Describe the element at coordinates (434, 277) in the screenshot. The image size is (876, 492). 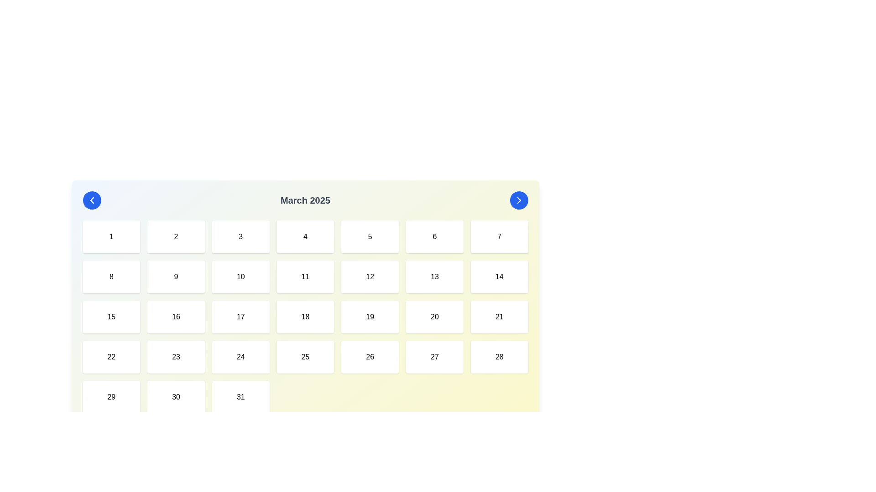
I see `the calendar day button representing the 13th day to change its background color` at that location.